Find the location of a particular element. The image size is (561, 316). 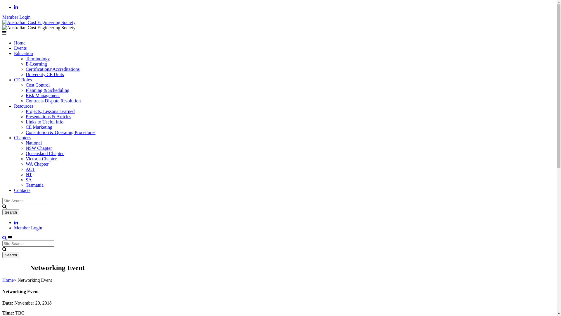

'Risk Management' is located at coordinates (42, 95).